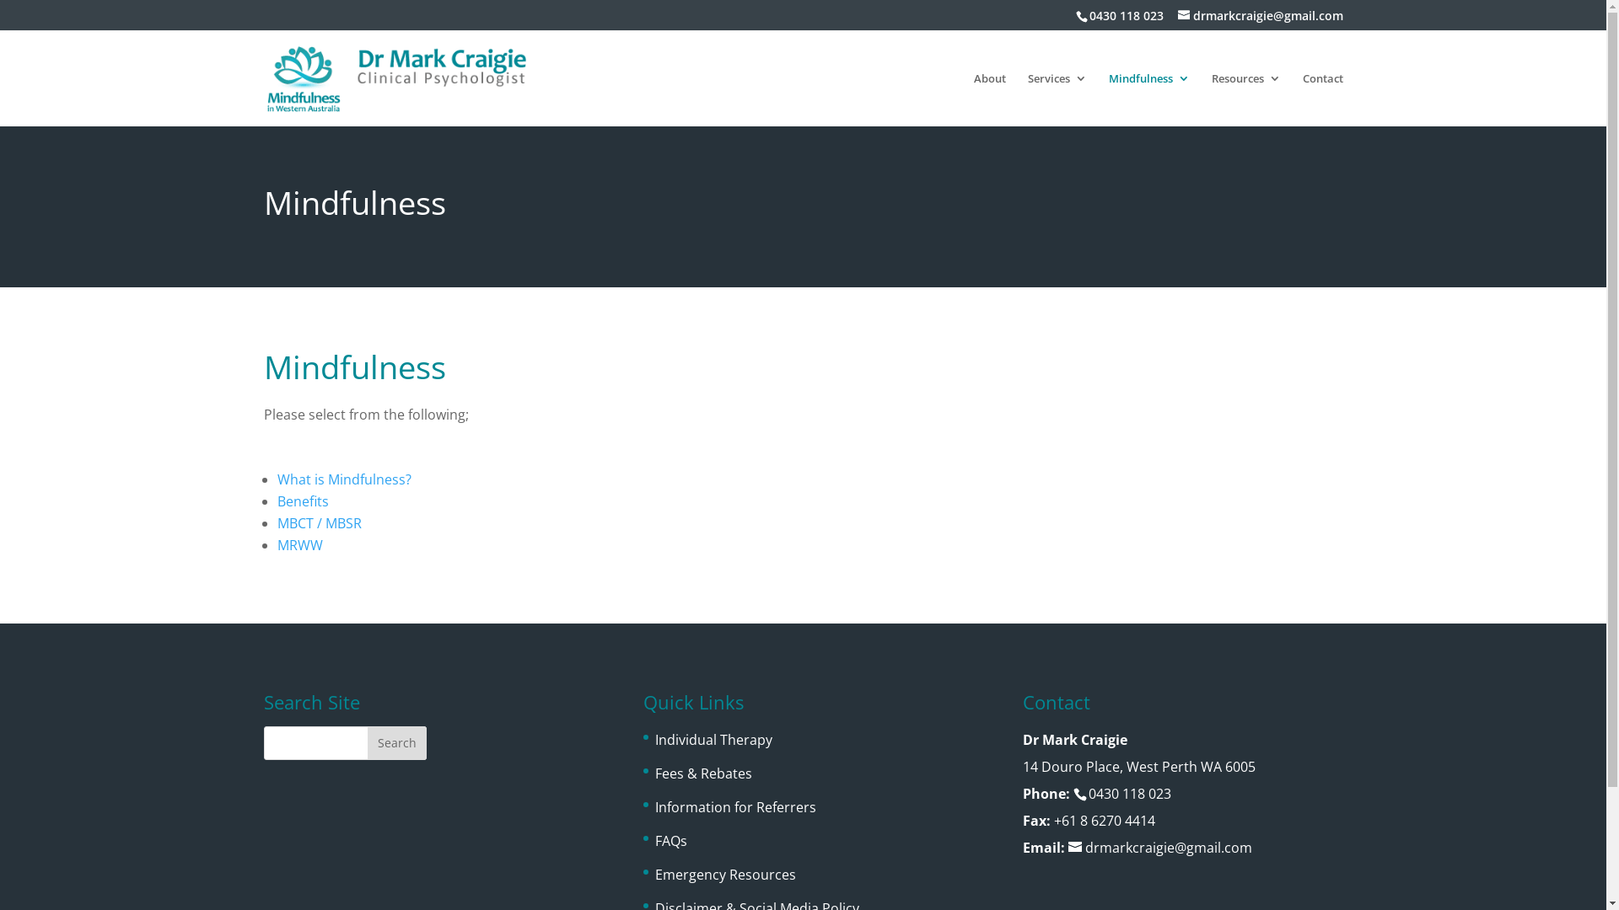 This screenshot has height=910, width=1619. What do you see at coordinates (735, 806) in the screenshot?
I see `'Information for Referrers'` at bounding box center [735, 806].